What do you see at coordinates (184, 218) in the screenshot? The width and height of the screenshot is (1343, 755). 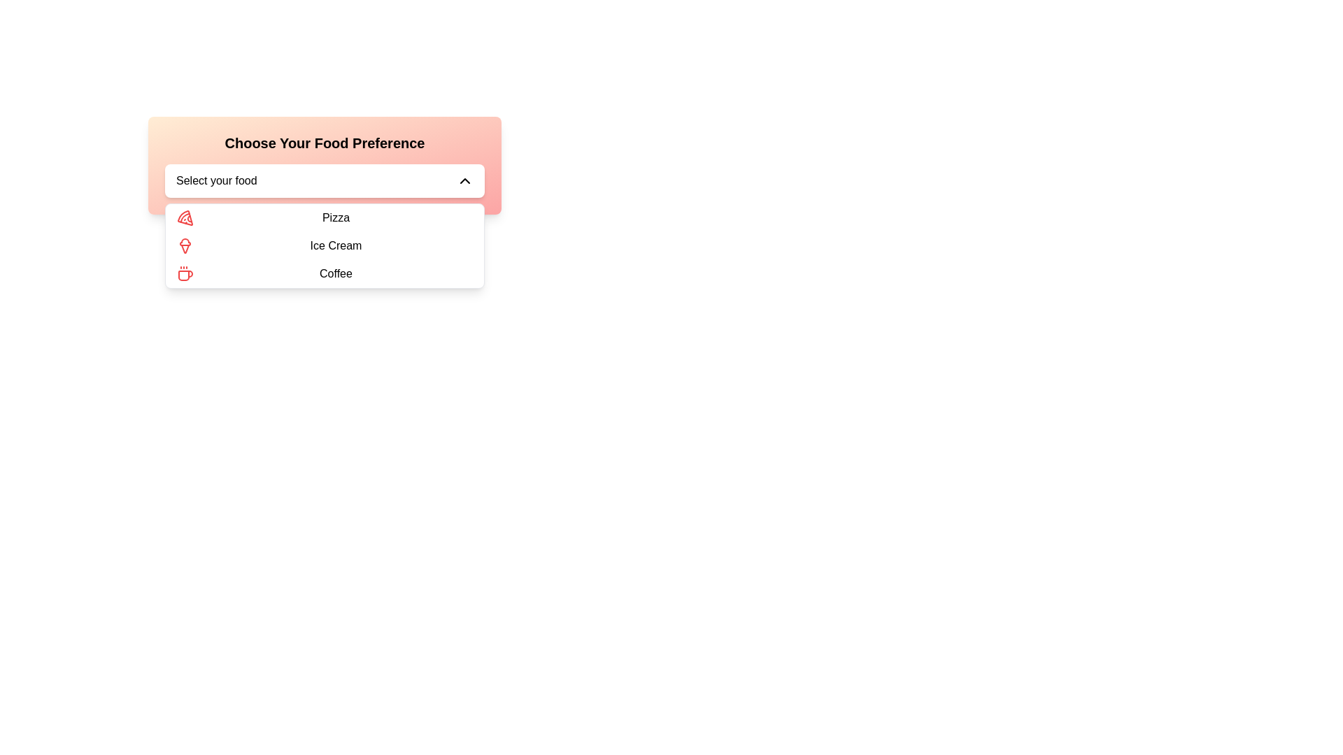 I see `the pizza slice icon in the dropdown menu under 'Choose Your Food Preference', which is styled in red and positioned to the left of the text 'Pizza'` at bounding box center [184, 218].